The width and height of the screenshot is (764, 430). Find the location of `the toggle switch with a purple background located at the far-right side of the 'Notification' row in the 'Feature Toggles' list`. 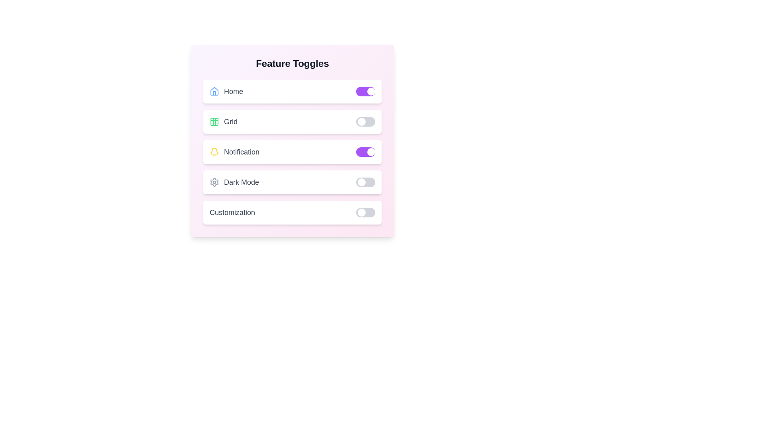

the toggle switch with a purple background located at the far-right side of the 'Notification' row in the 'Feature Toggles' list is located at coordinates (365, 152).